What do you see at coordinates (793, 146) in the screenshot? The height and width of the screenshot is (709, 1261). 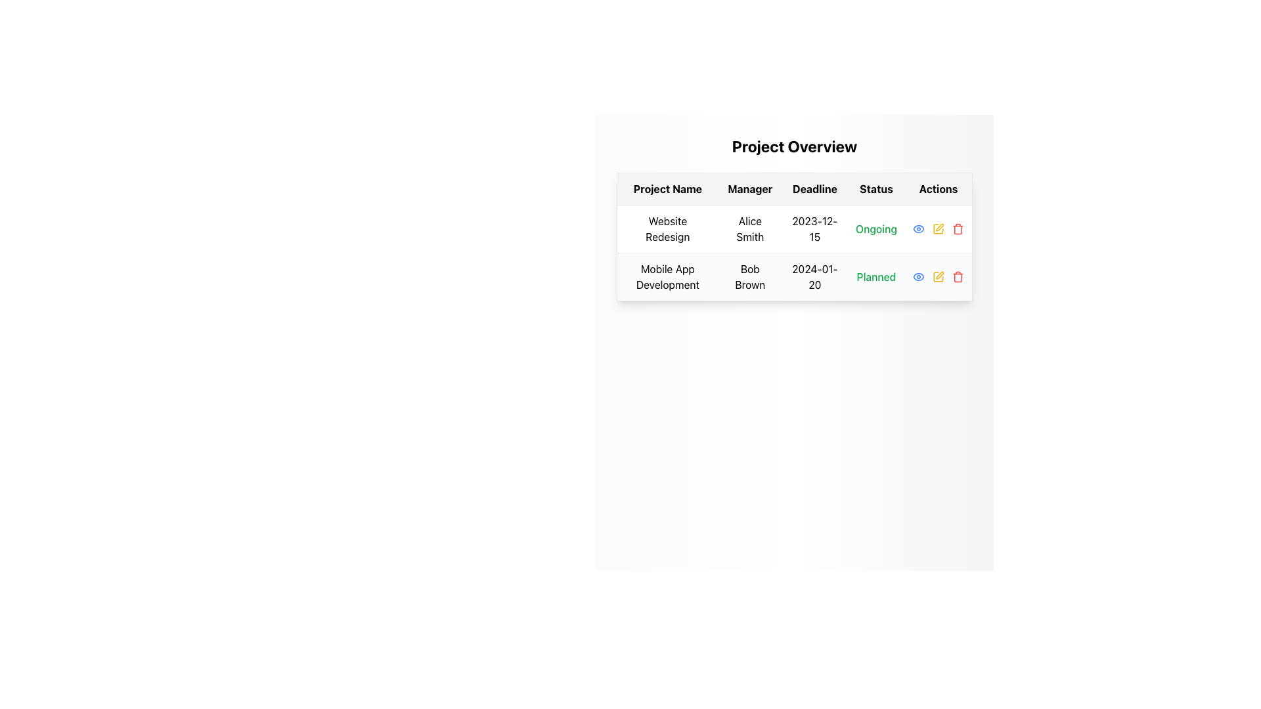 I see `bold, black header text 'Project Overview' located at the top of the content area` at bounding box center [793, 146].